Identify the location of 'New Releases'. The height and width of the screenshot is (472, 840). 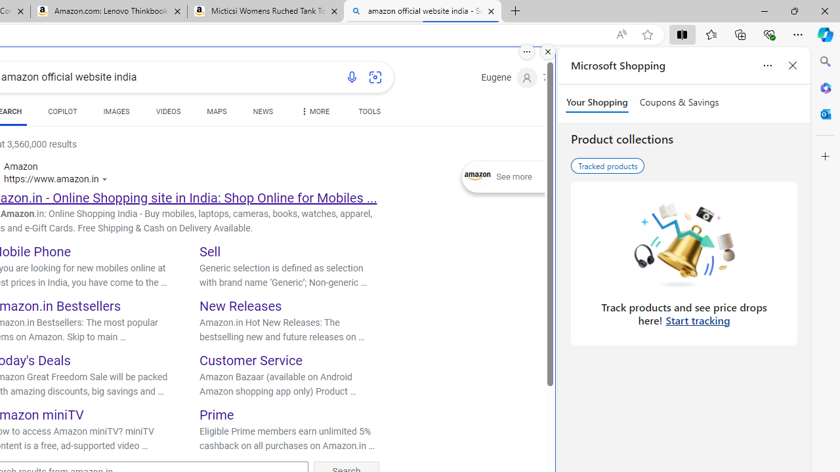
(241, 305).